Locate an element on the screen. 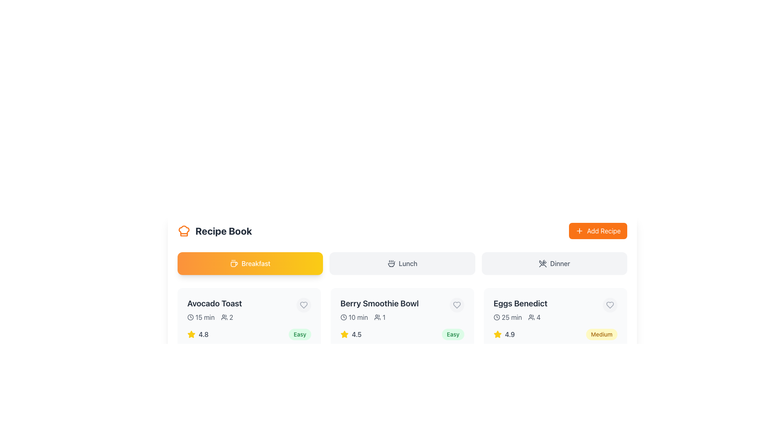 This screenshot has width=782, height=440. the 'Medium' label with a yellow background located in the bottom-right corner of the 'Eggs Benedict' section is located at coordinates (602, 334).